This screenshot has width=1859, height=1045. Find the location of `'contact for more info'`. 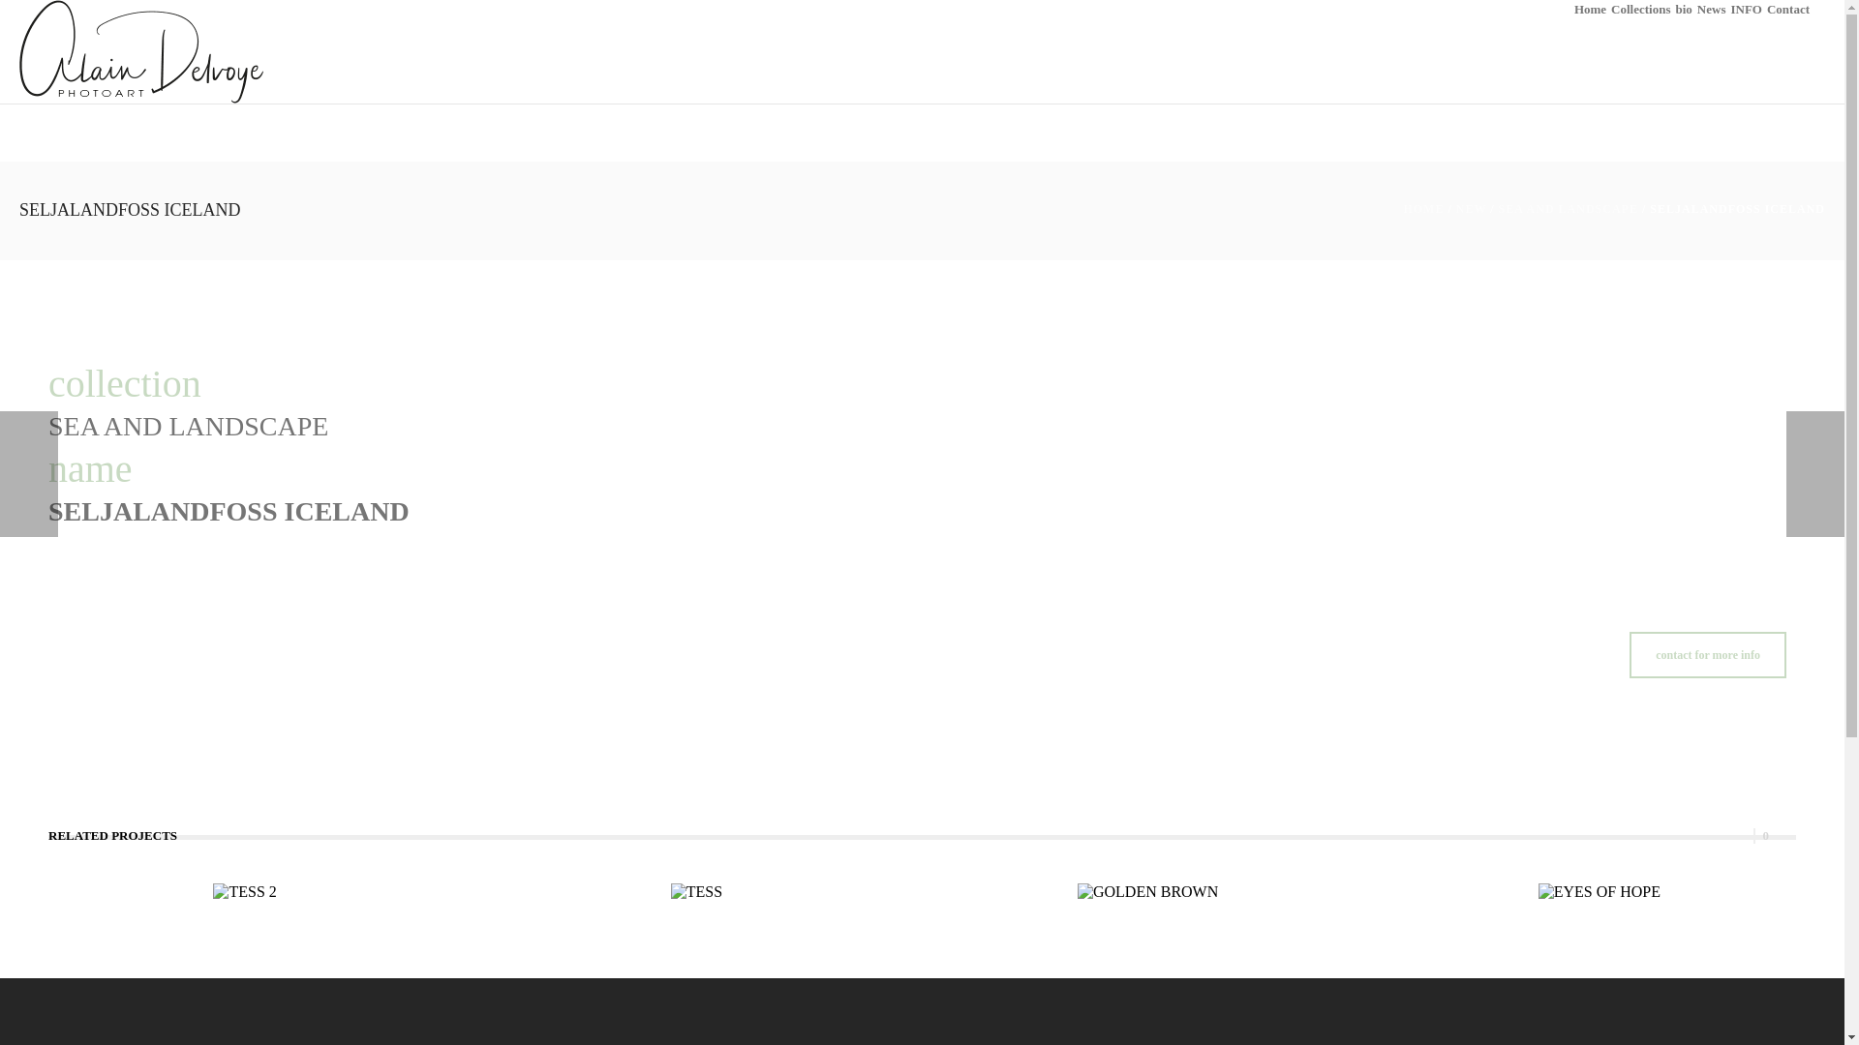

'contact for more info' is located at coordinates (1707, 654).